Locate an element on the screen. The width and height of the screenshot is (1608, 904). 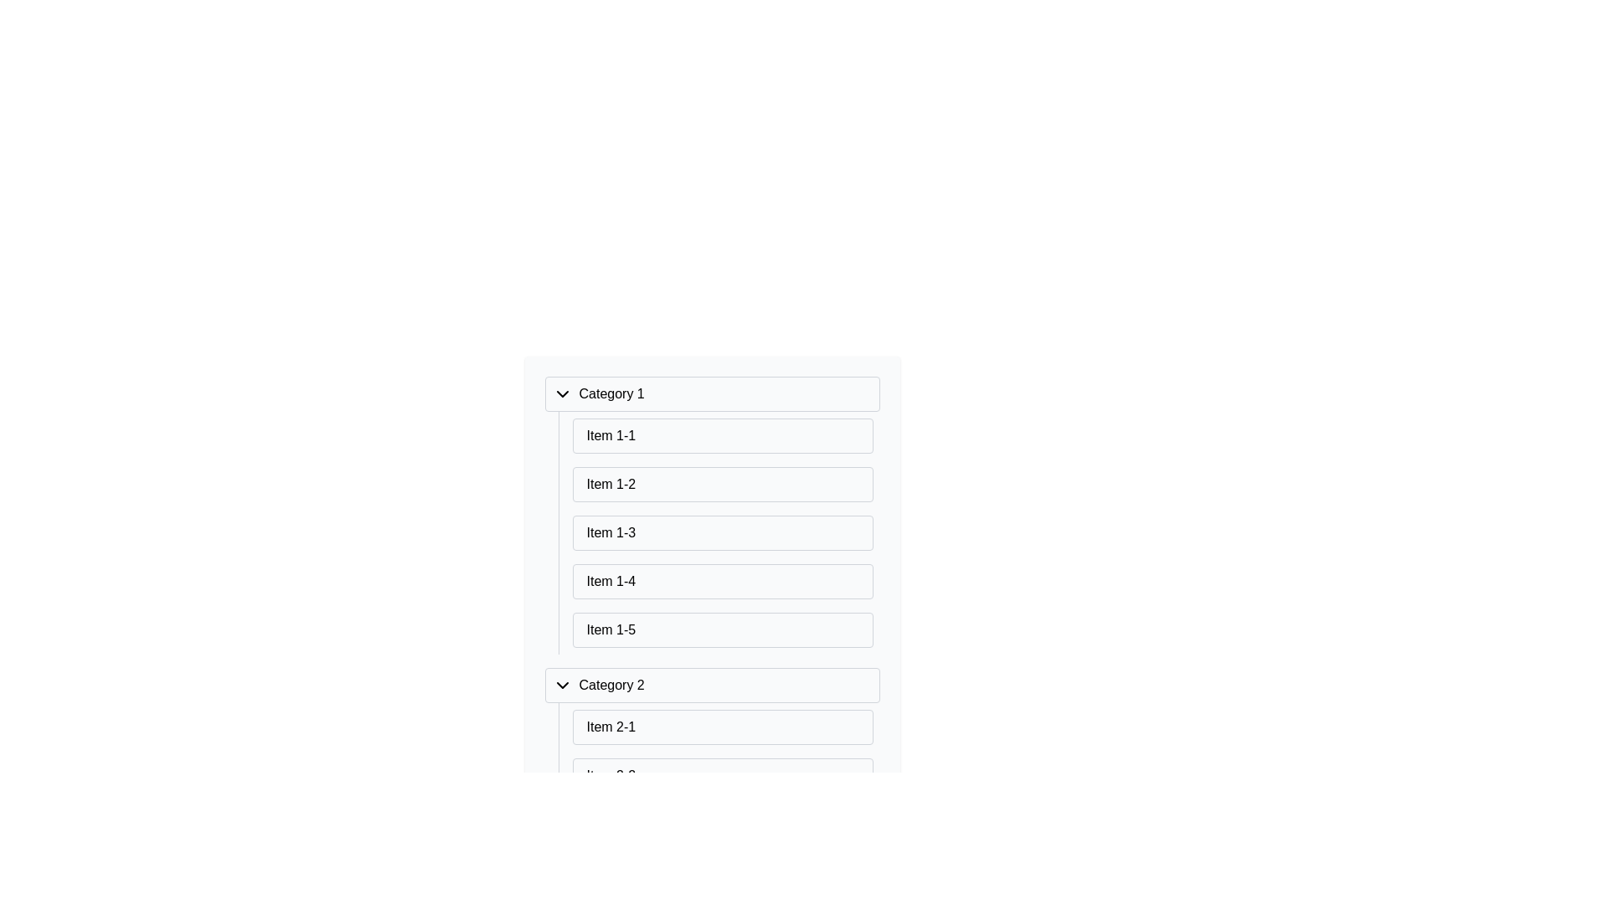
the second list item under 'Category 1' is located at coordinates (723, 484).